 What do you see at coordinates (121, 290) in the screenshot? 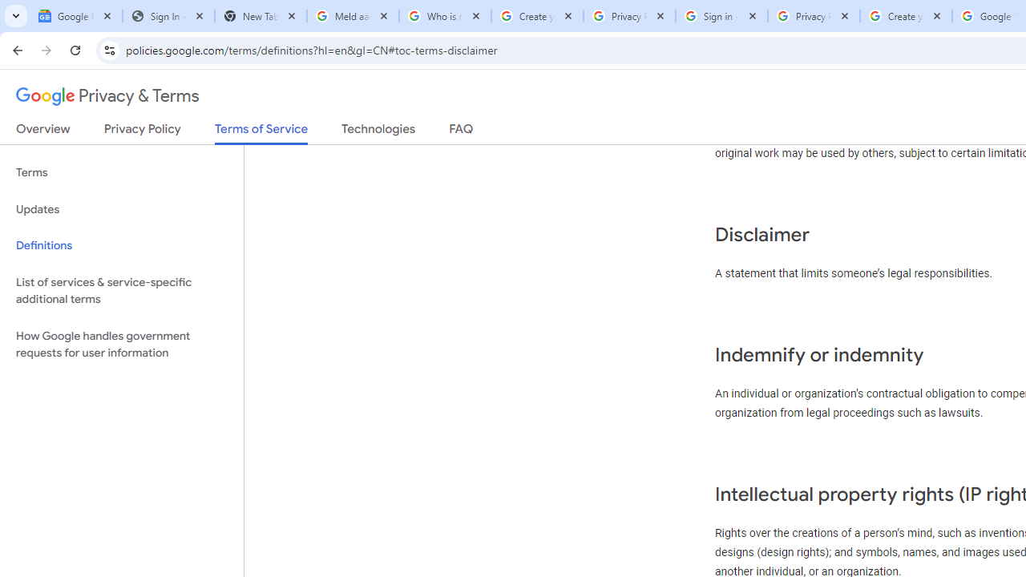
I see `'List of services & service-specific additional terms'` at bounding box center [121, 290].